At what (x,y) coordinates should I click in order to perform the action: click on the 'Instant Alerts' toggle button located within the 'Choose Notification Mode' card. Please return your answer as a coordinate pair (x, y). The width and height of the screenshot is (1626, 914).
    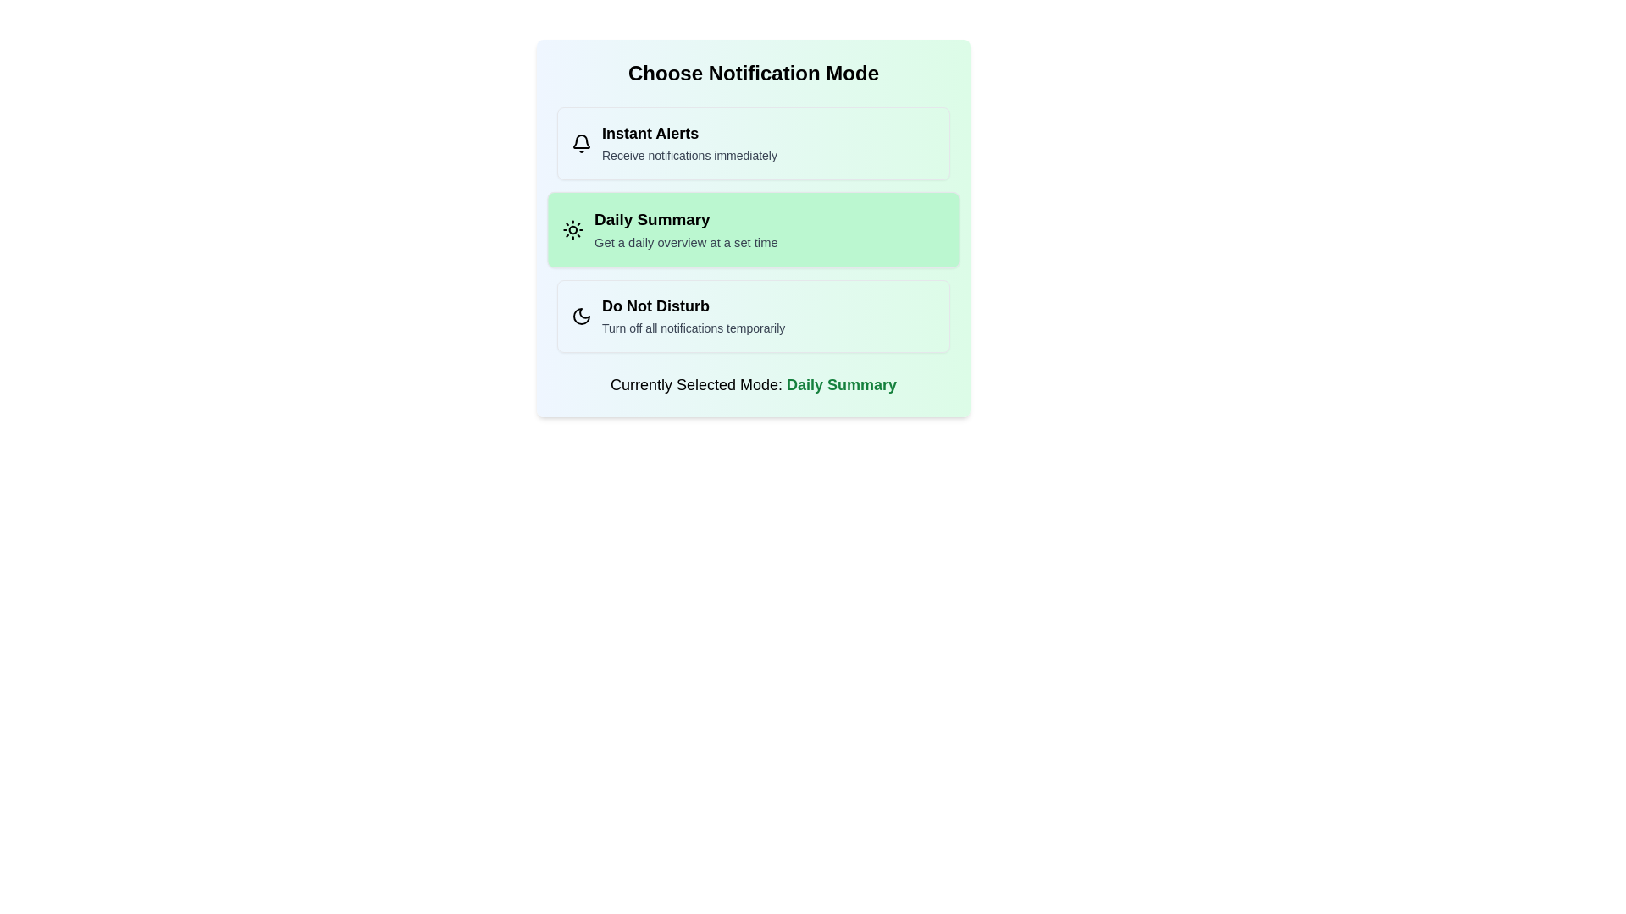
    Looking at the image, I should click on (752, 142).